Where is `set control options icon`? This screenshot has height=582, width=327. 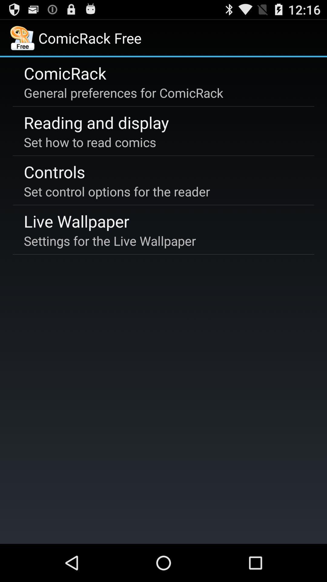
set control options icon is located at coordinates (117, 191).